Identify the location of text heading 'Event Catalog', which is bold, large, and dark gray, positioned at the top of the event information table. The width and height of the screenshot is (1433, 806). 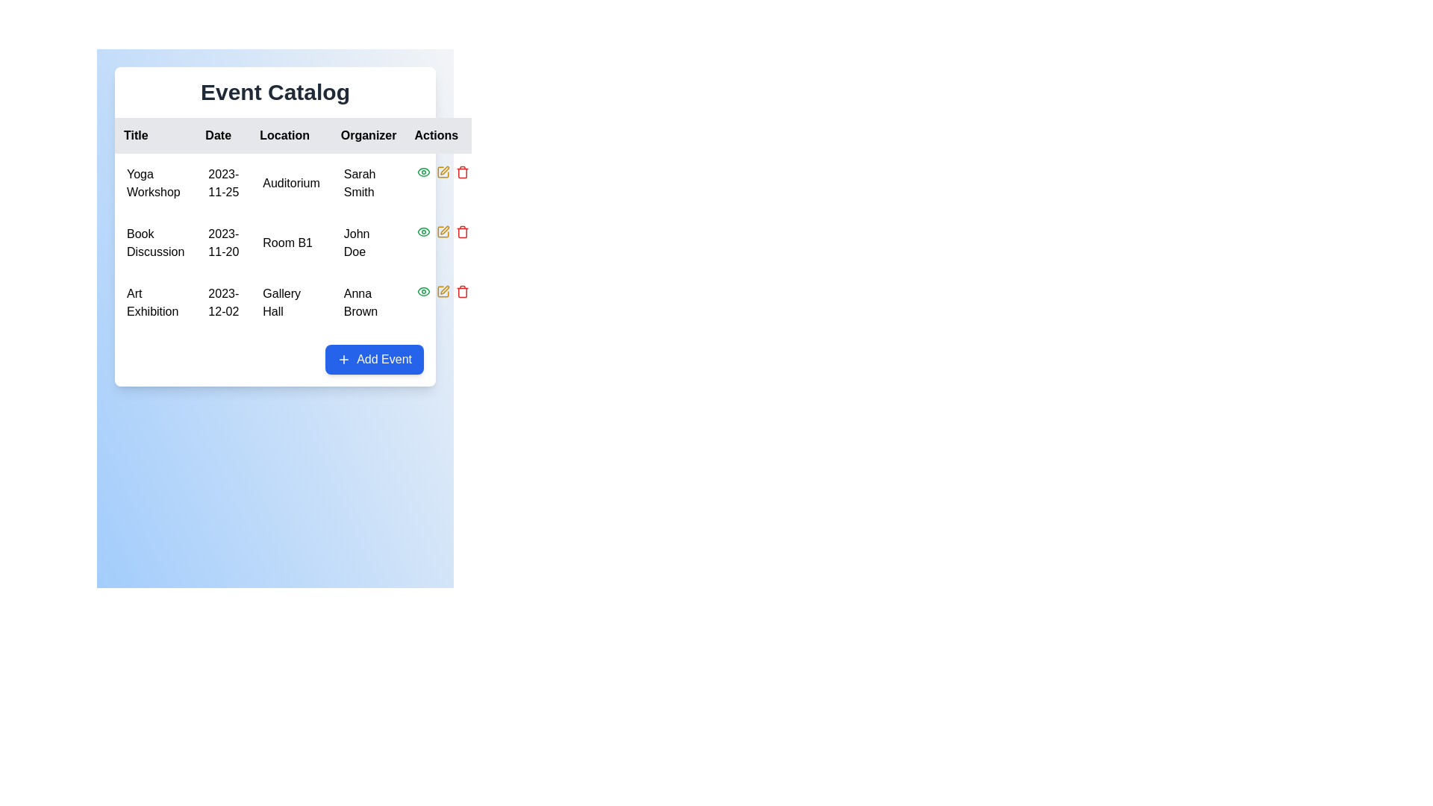
(275, 92).